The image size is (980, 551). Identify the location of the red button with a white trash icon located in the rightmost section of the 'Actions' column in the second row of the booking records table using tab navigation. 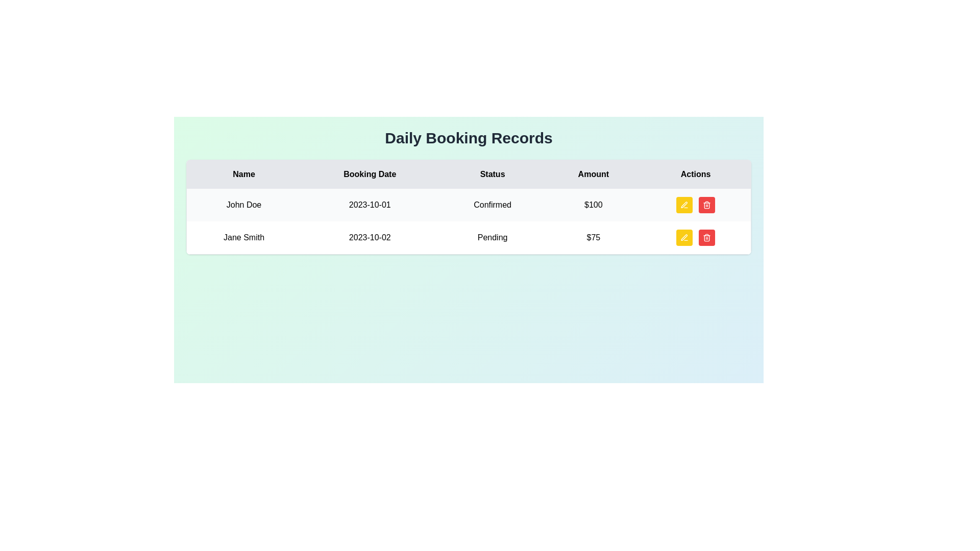
(706, 238).